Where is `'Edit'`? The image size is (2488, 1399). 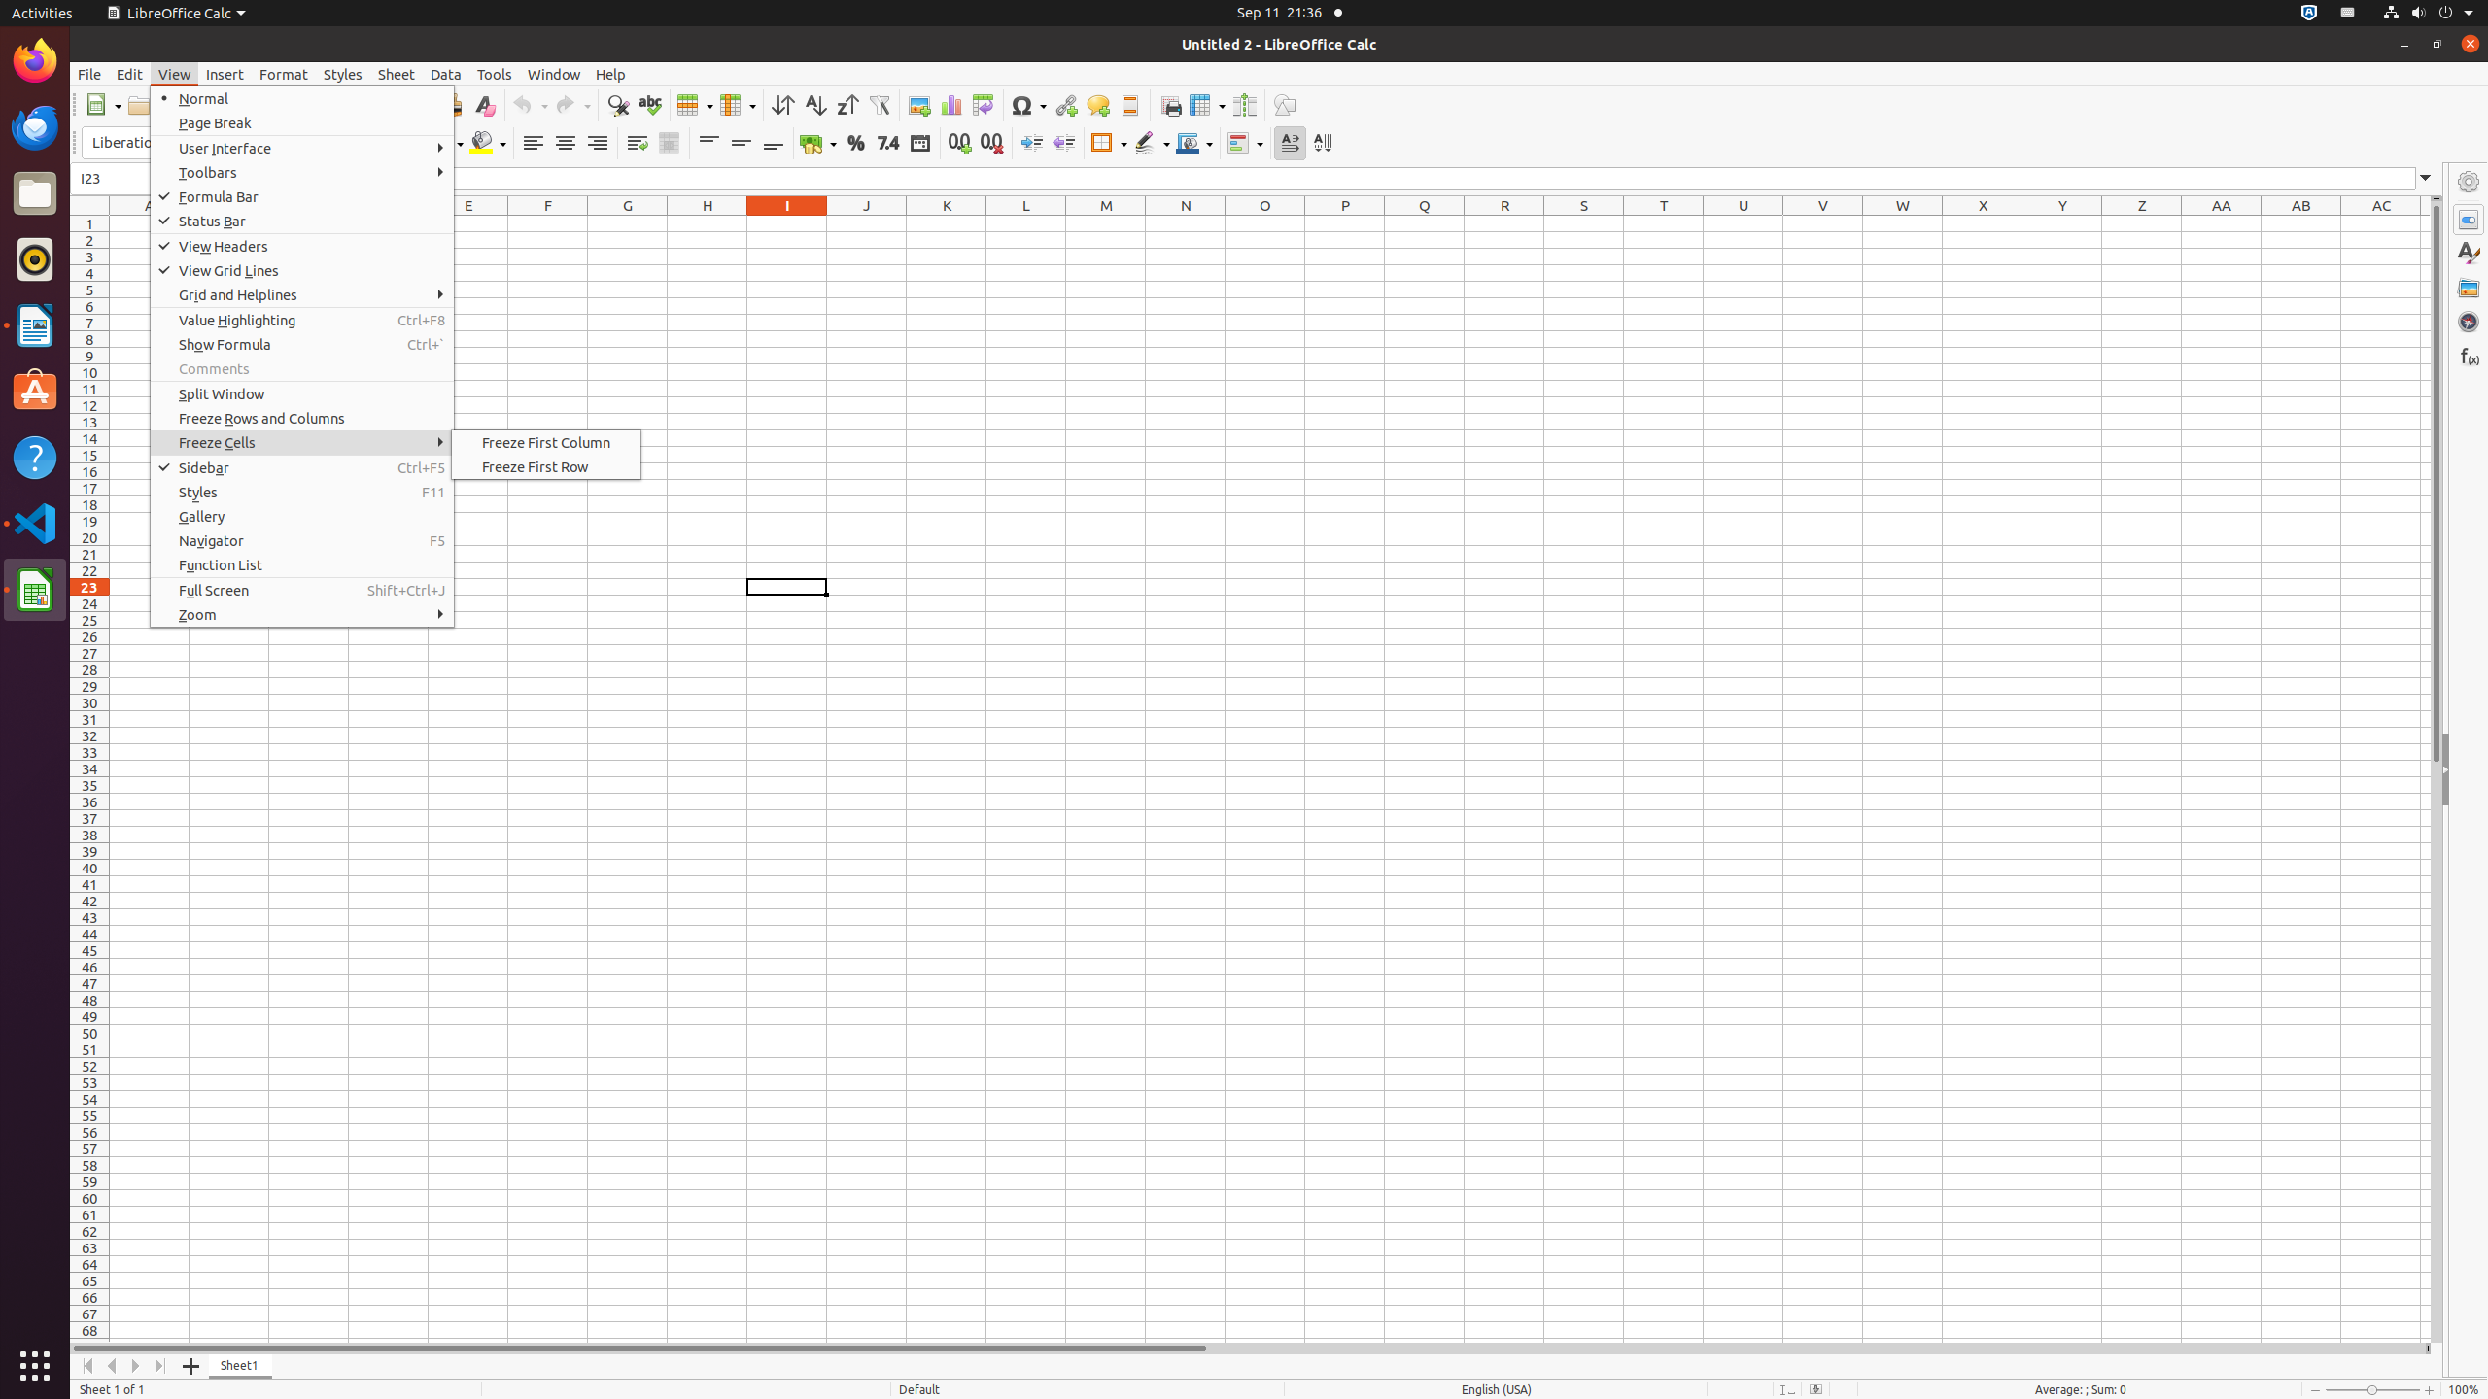
'Edit' is located at coordinates (129, 74).